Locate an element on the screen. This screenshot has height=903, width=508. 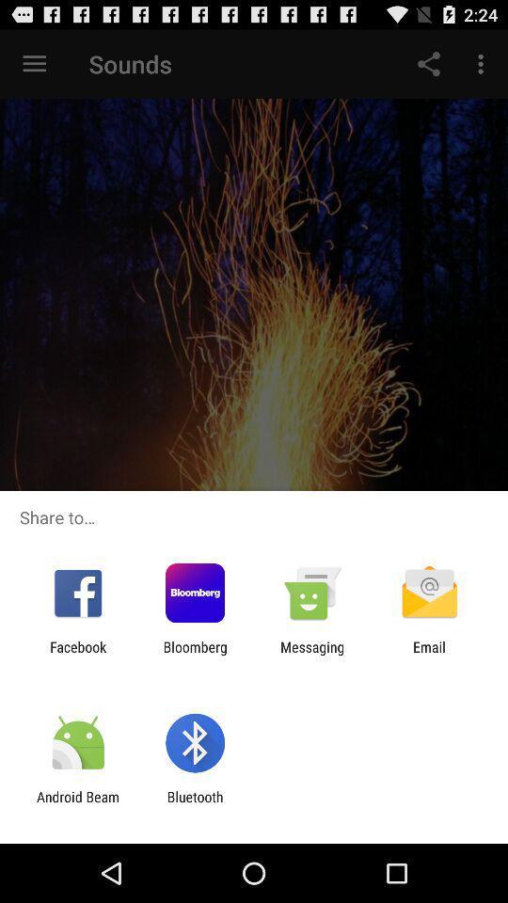
icon next to the bluetooth is located at coordinates (77, 804).